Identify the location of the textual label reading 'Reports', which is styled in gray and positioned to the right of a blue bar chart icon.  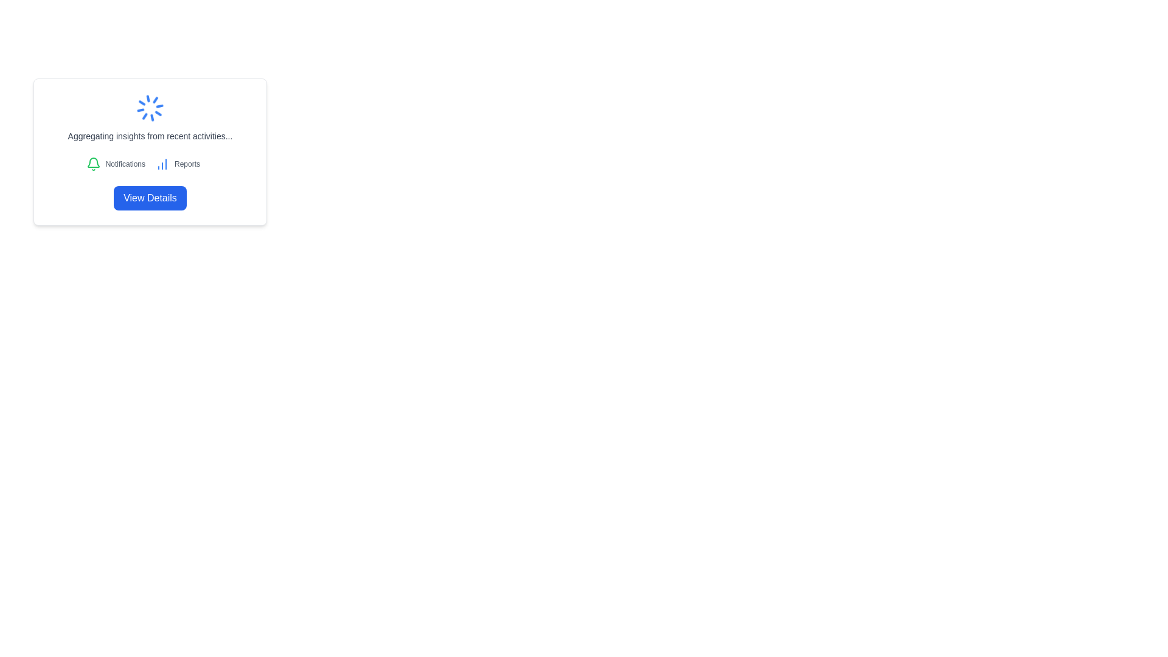
(186, 164).